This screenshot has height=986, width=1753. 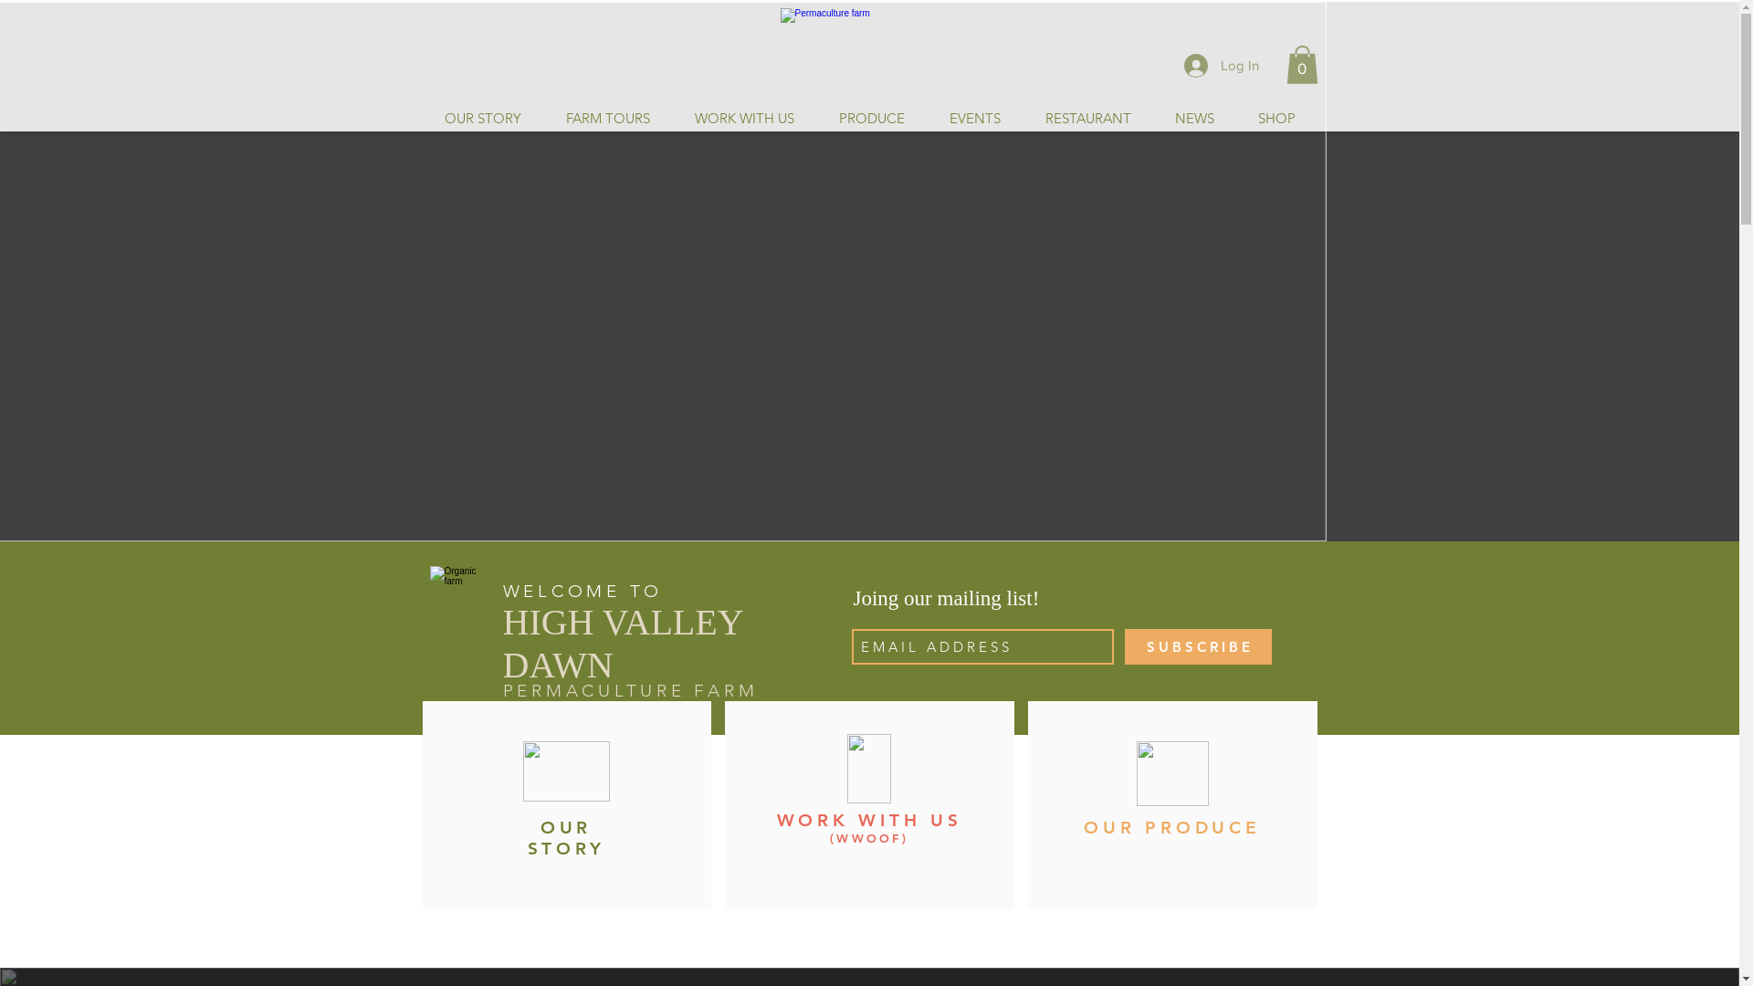 What do you see at coordinates (1221, 63) in the screenshot?
I see `'Log In'` at bounding box center [1221, 63].